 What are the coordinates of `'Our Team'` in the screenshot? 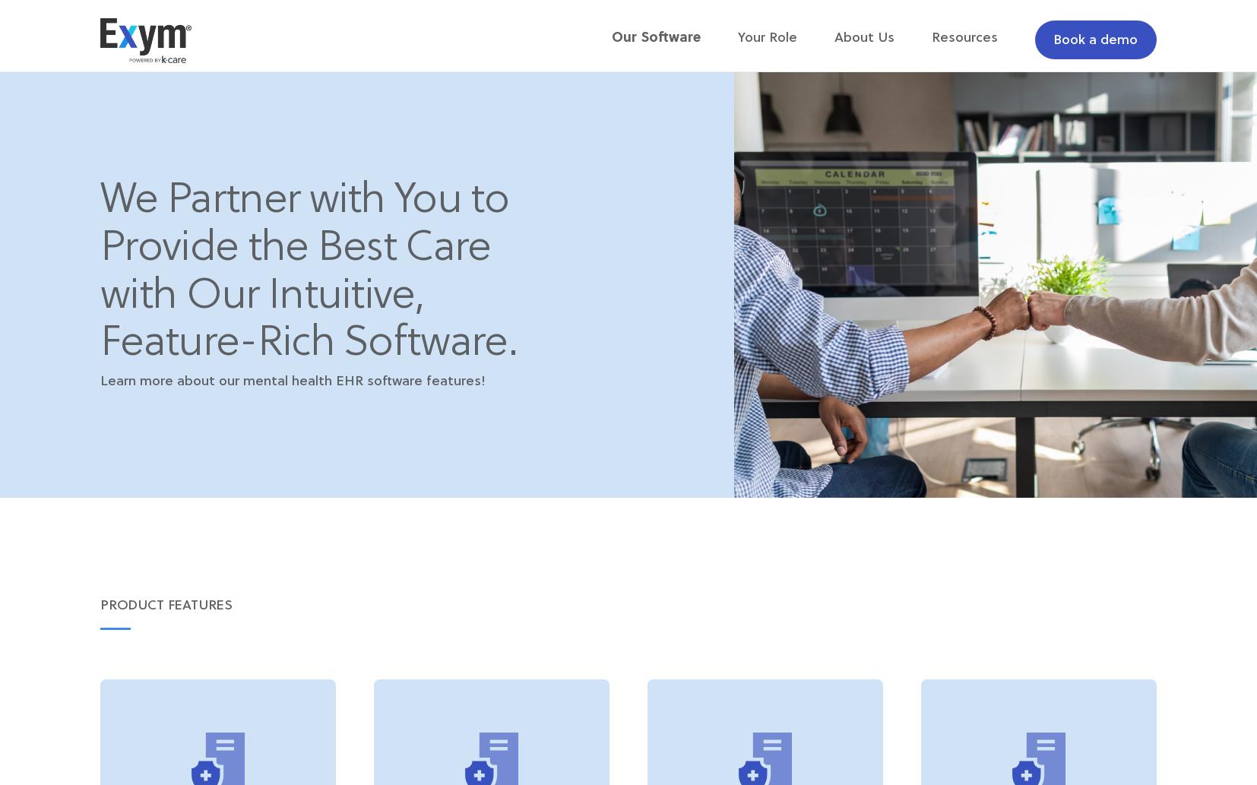 It's located at (897, 95).